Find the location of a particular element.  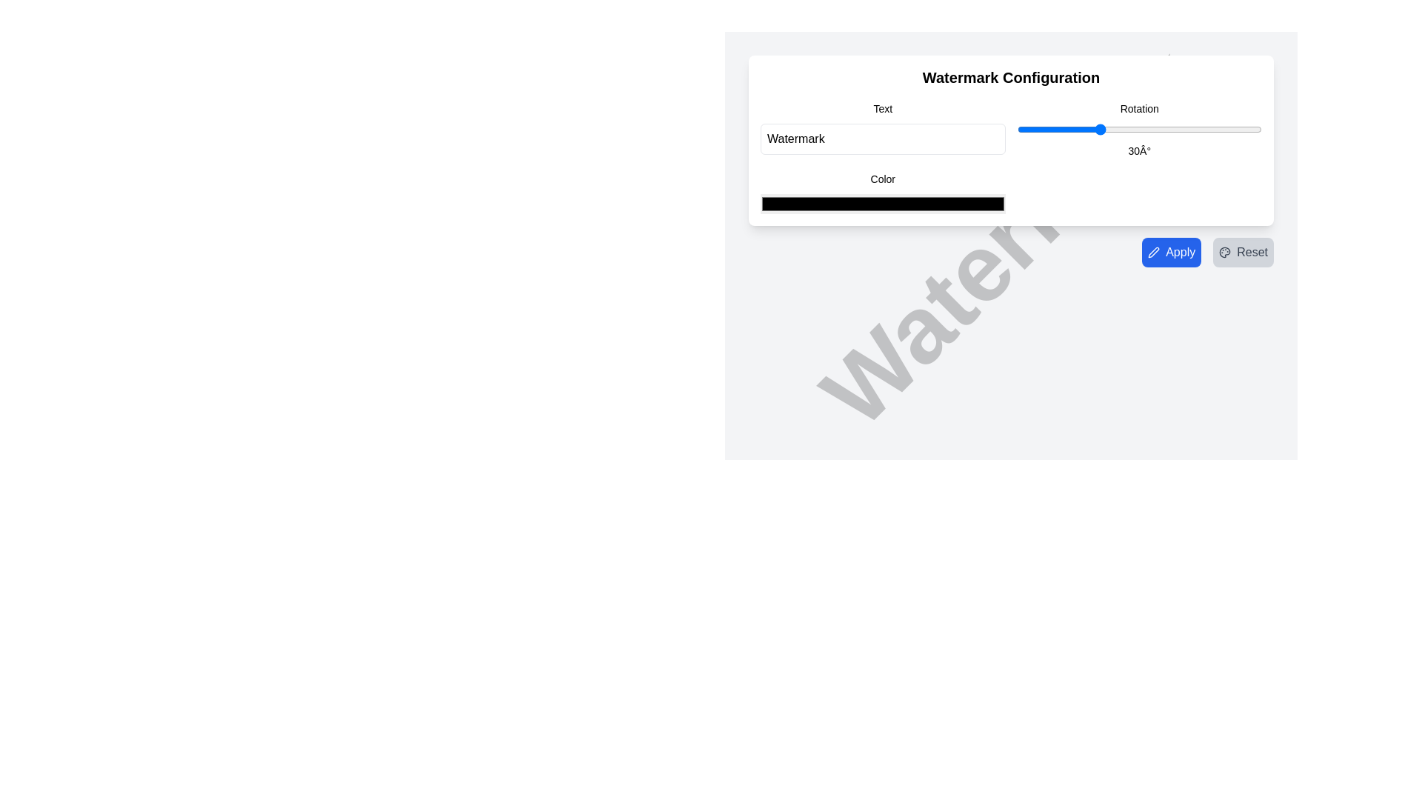

on the color input field, which has a black background and is located beneath the 'Color' label in the 'Watermark Configuration' section is located at coordinates (883, 204).